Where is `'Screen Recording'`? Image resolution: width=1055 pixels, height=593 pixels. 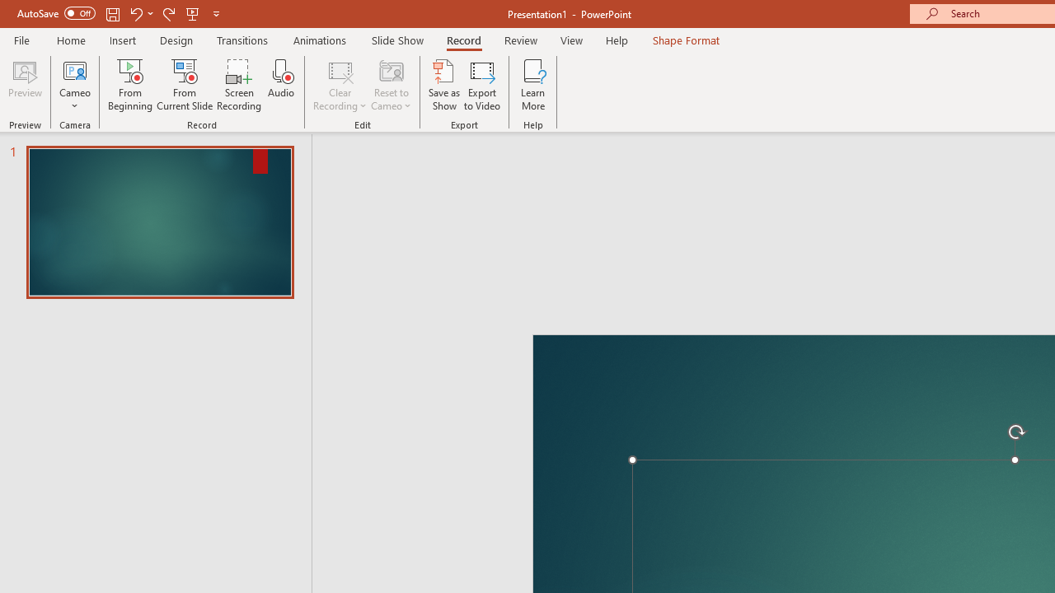
'Screen Recording' is located at coordinates (238, 85).